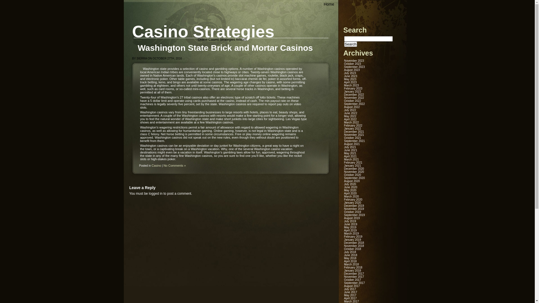 Image resolution: width=539 pixels, height=303 pixels. What do you see at coordinates (350, 187) in the screenshot?
I see `'June 2020'` at bounding box center [350, 187].